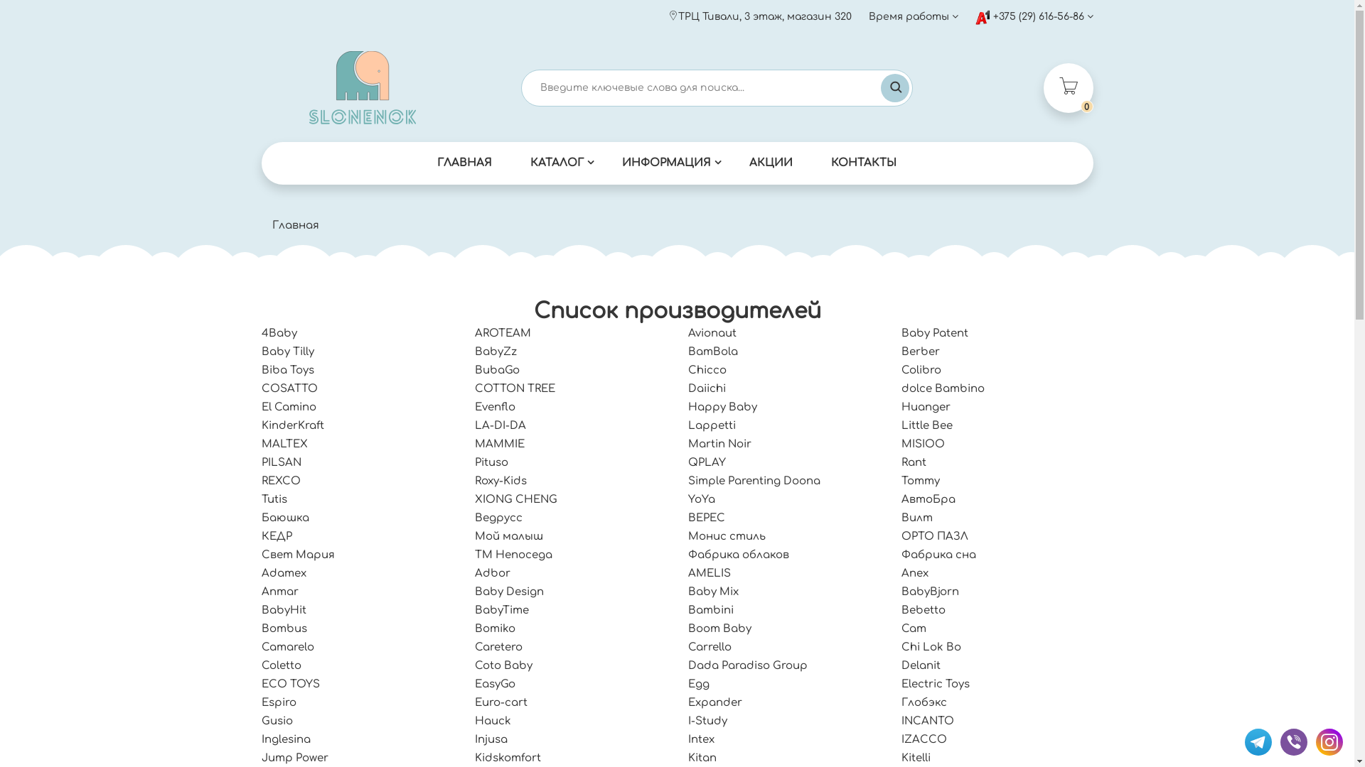  Describe the element at coordinates (707, 462) in the screenshot. I see `'QPLAY'` at that location.